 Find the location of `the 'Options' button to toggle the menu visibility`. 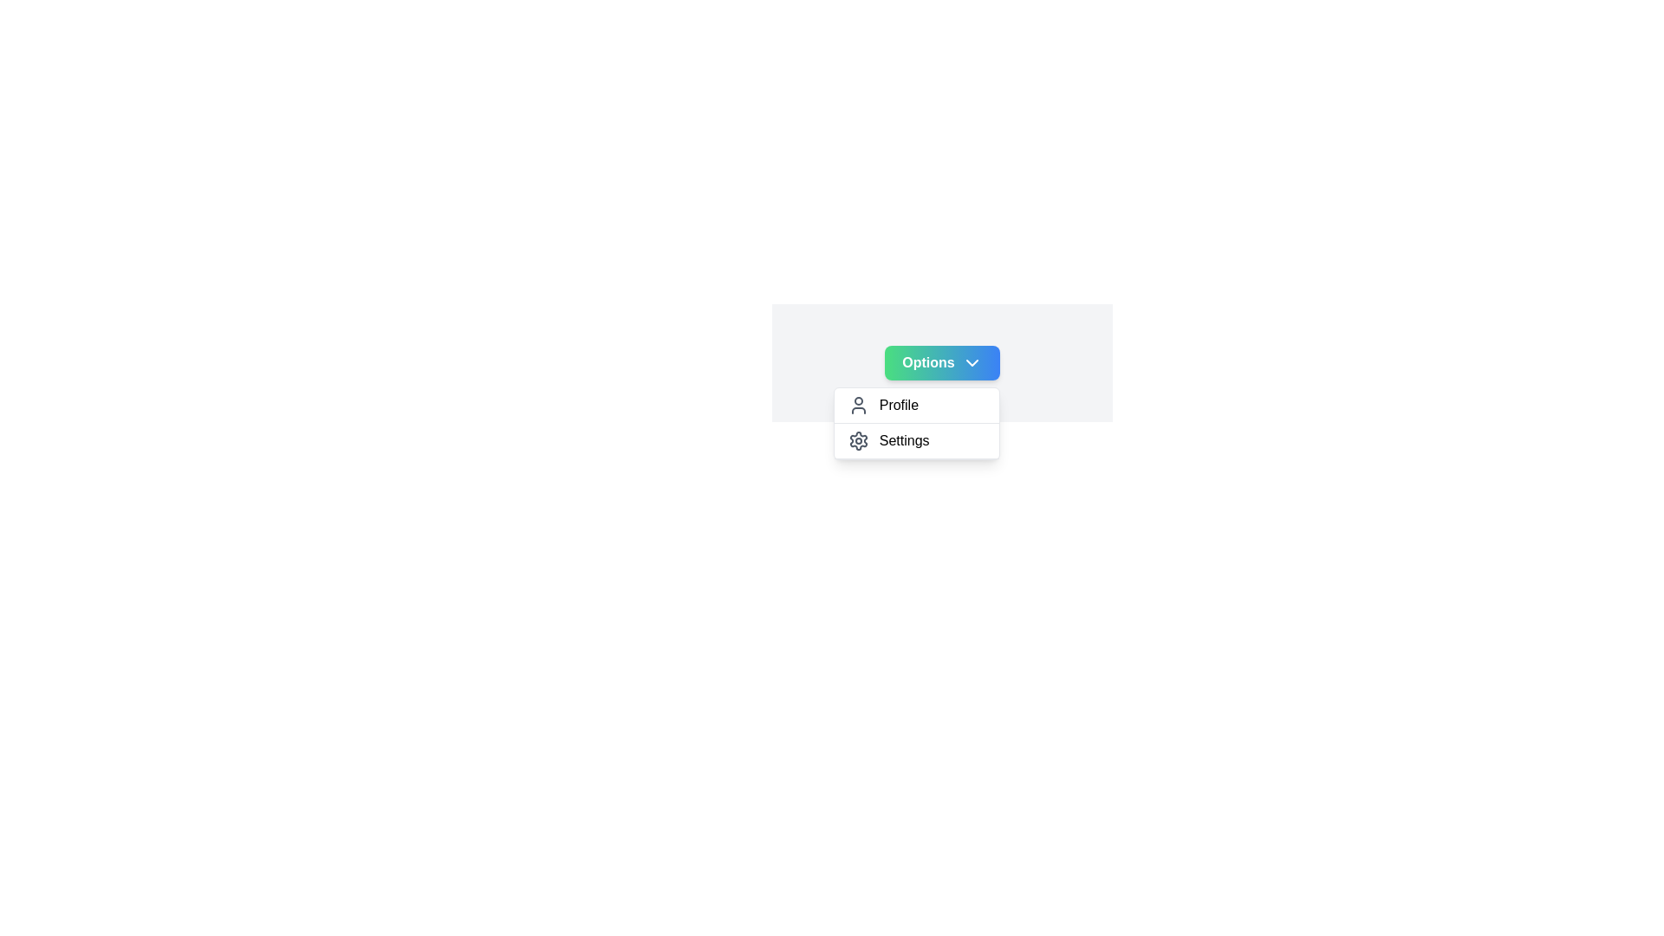

the 'Options' button to toggle the menu visibility is located at coordinates (941, 362).